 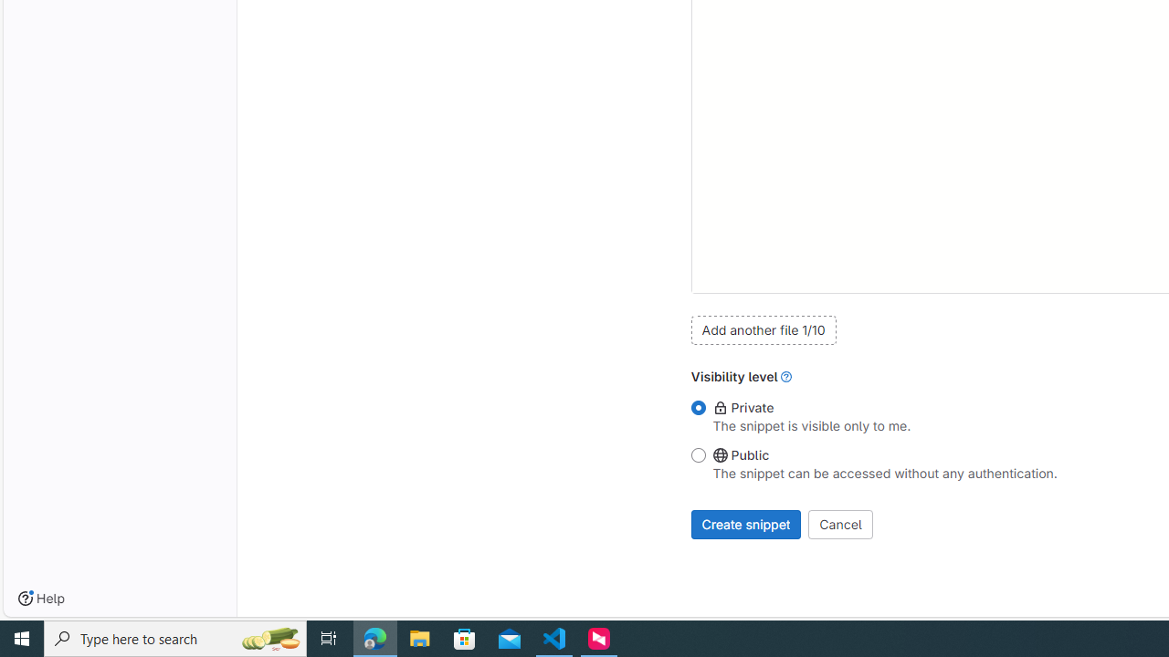 What do you see at coordinates (746, 524) in the screenshot?
I see `'Create snippet'` at bounding box center [746, 524].